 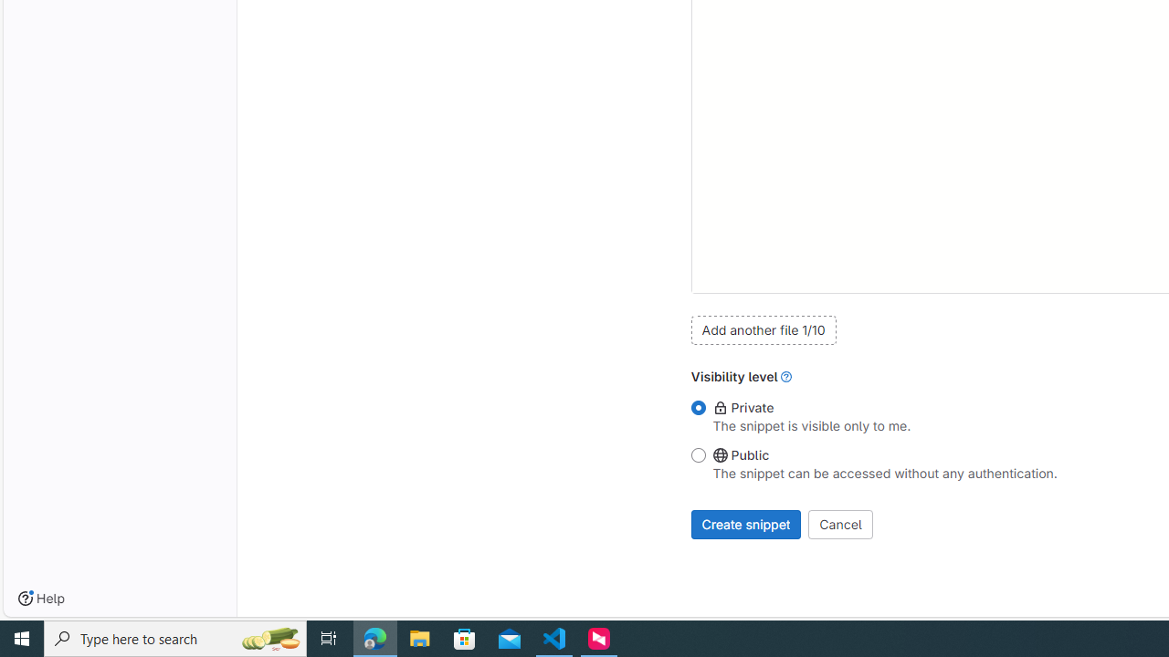 What do you see at coordinates (746, 524) in the screenshot?
I see `'Create snippet'` at bounding box center [746, 524].